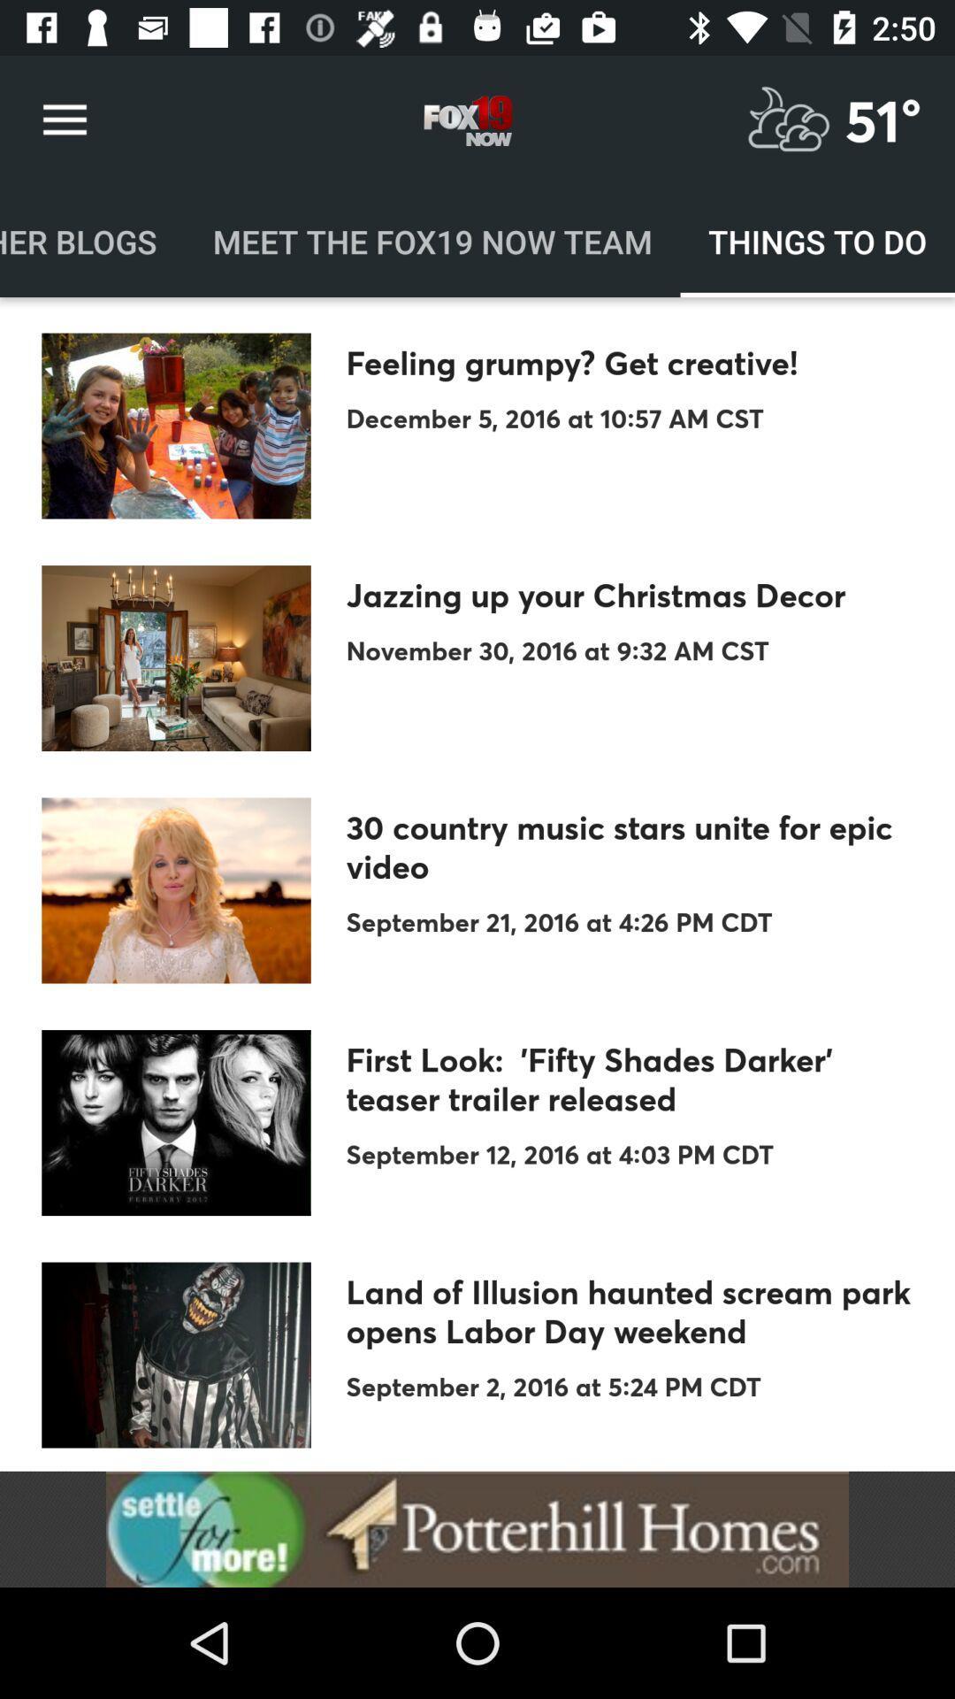  I want to click on for adverisment, so click(477, 1528).